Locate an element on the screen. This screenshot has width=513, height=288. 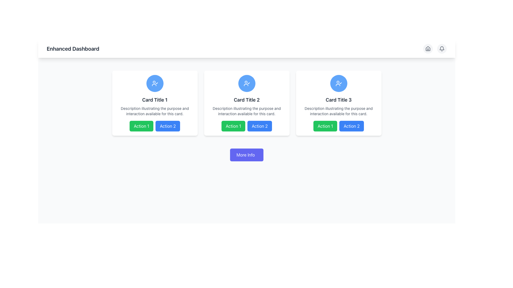
the bell icon button in the top-right corner is located at coordinates (442, 49).